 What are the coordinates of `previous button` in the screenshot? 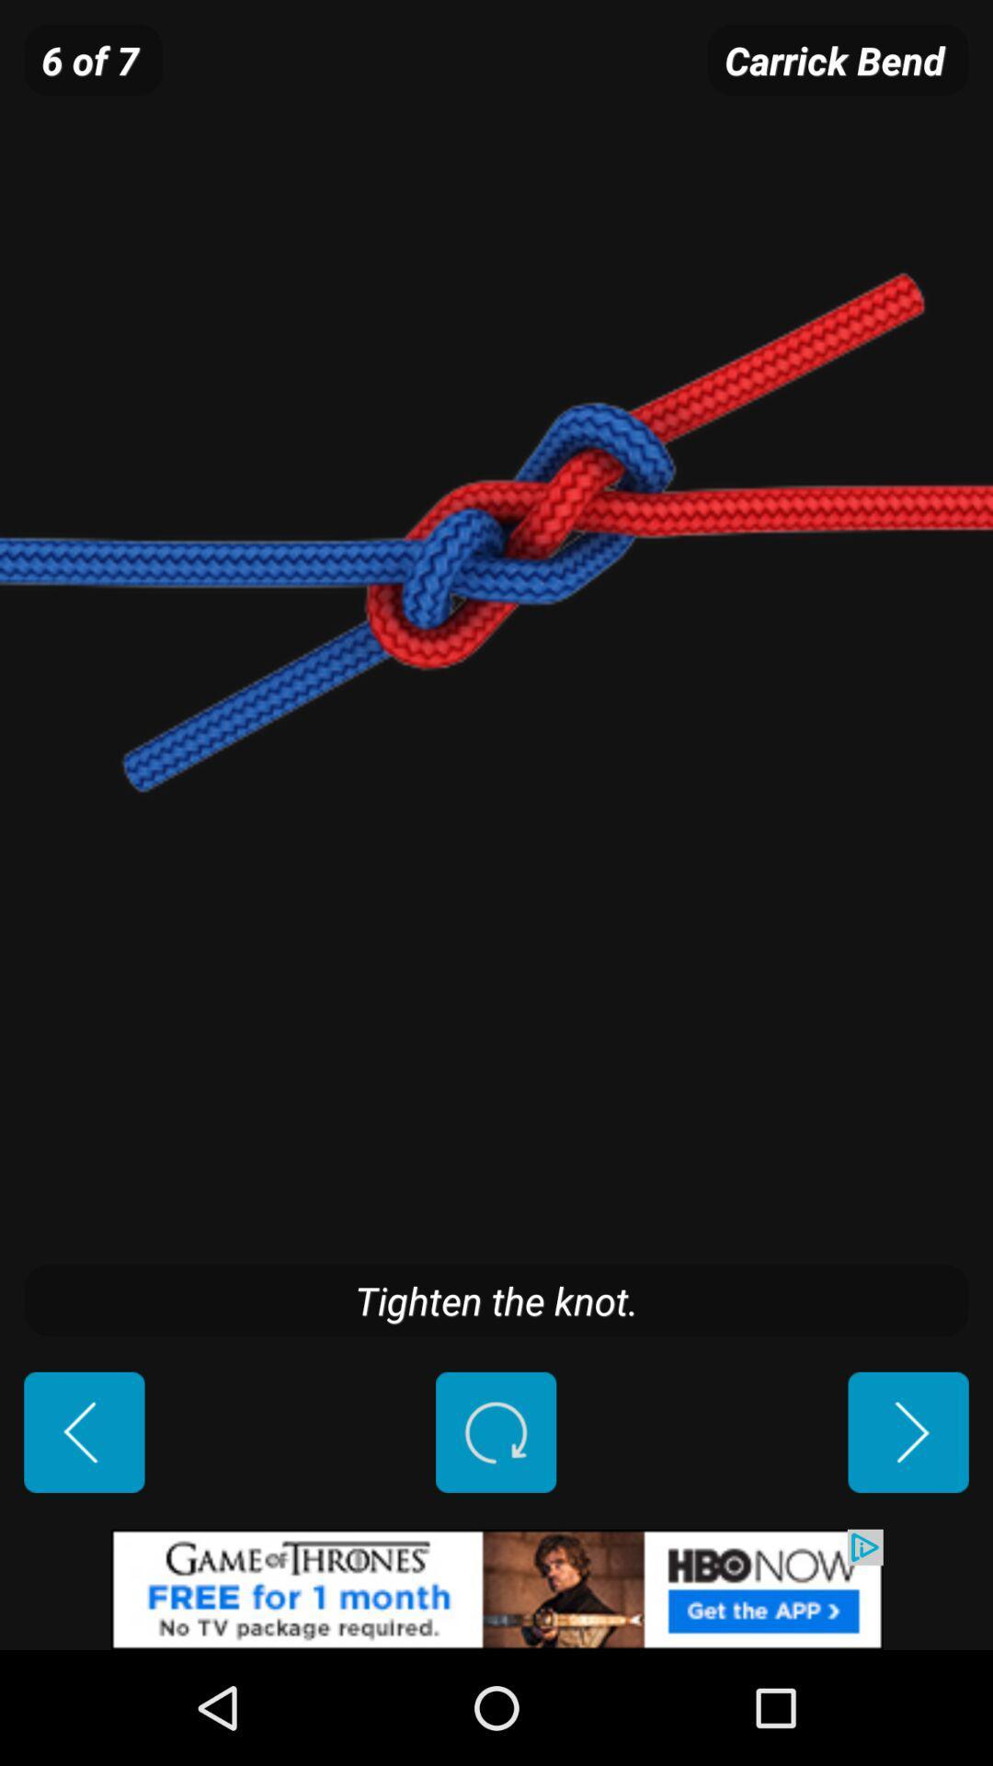 It's located at (84, 1431).